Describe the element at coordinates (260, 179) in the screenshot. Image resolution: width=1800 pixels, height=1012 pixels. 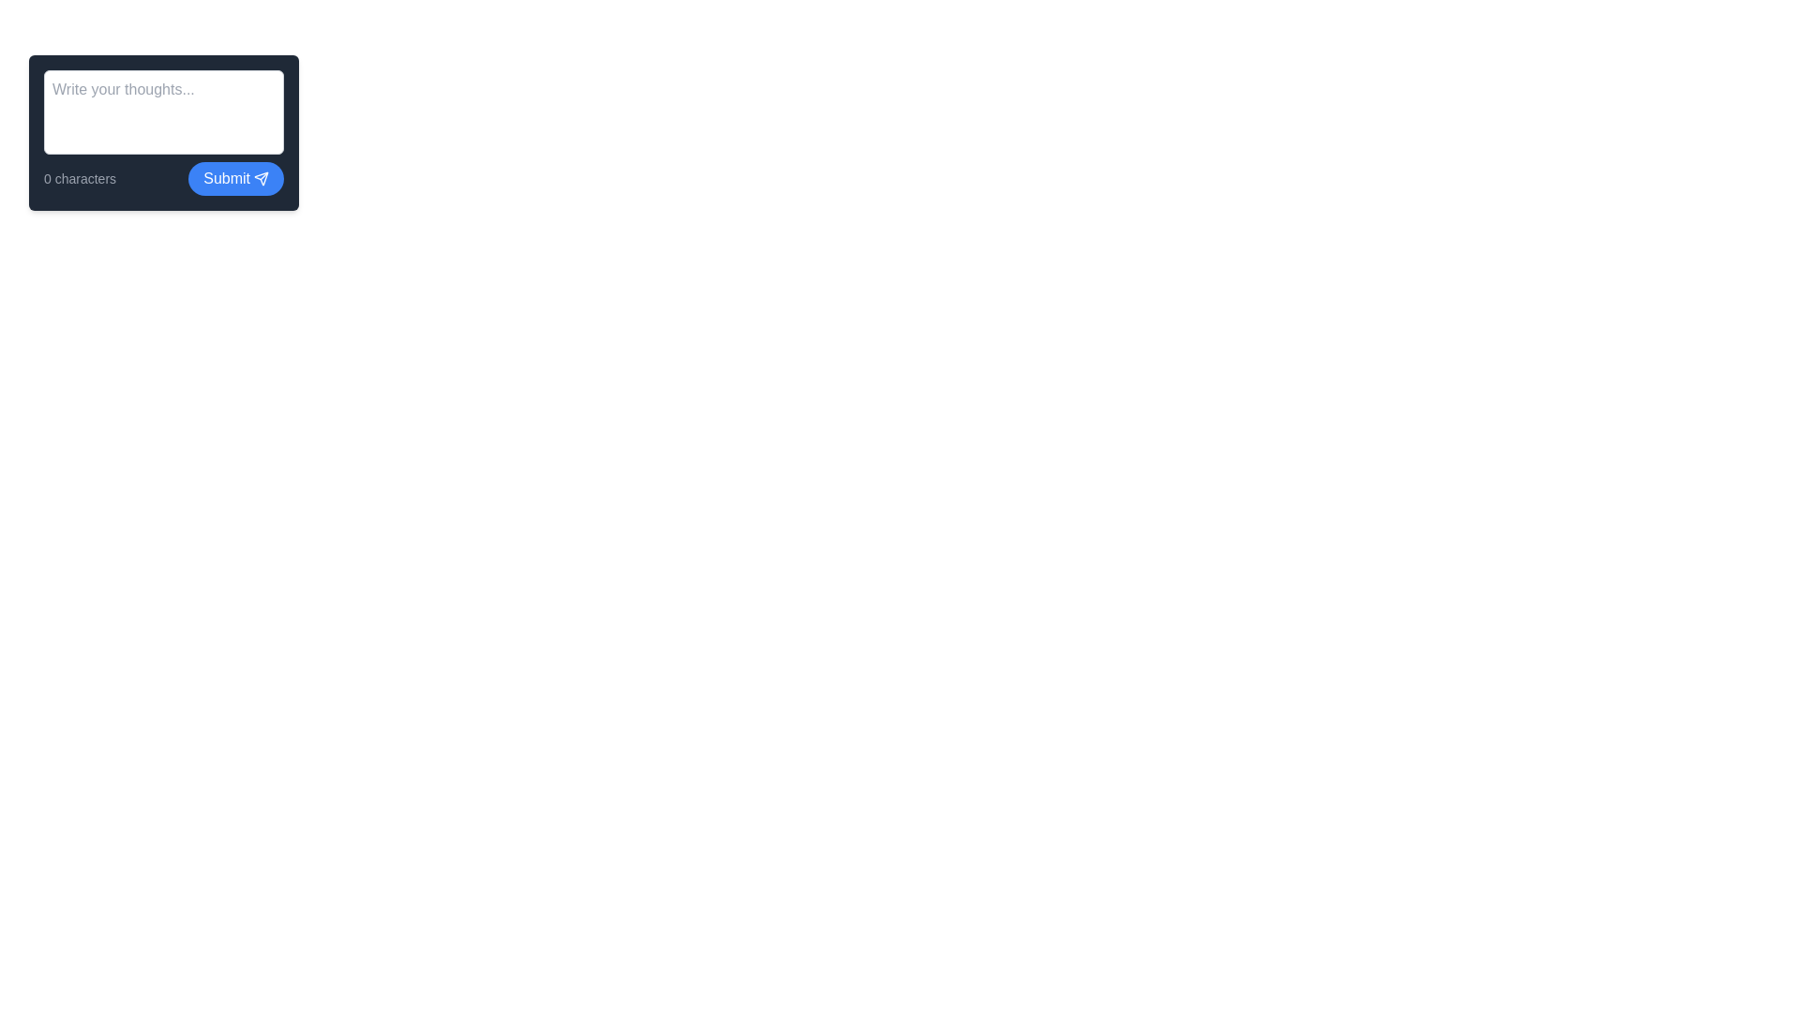
I see `the icon next to the 'Submit' button` at that location.